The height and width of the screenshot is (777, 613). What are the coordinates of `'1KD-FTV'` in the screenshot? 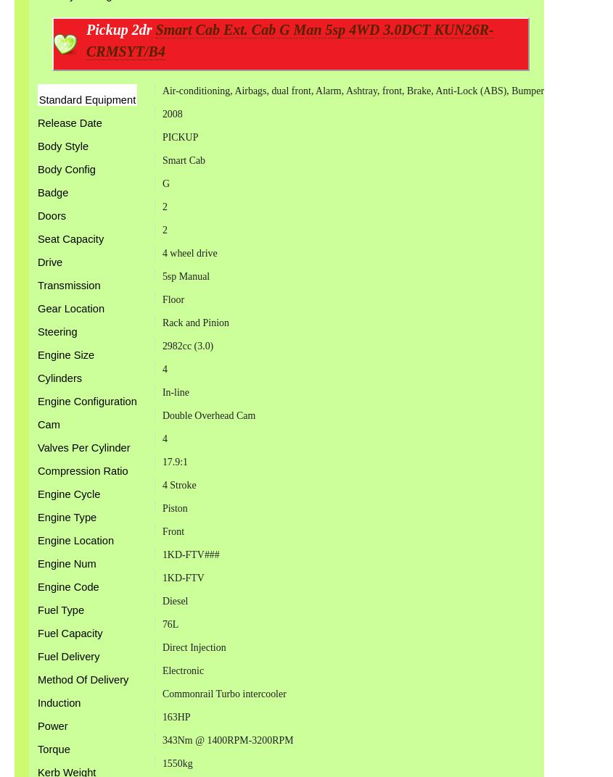 It's located at (181, 578).